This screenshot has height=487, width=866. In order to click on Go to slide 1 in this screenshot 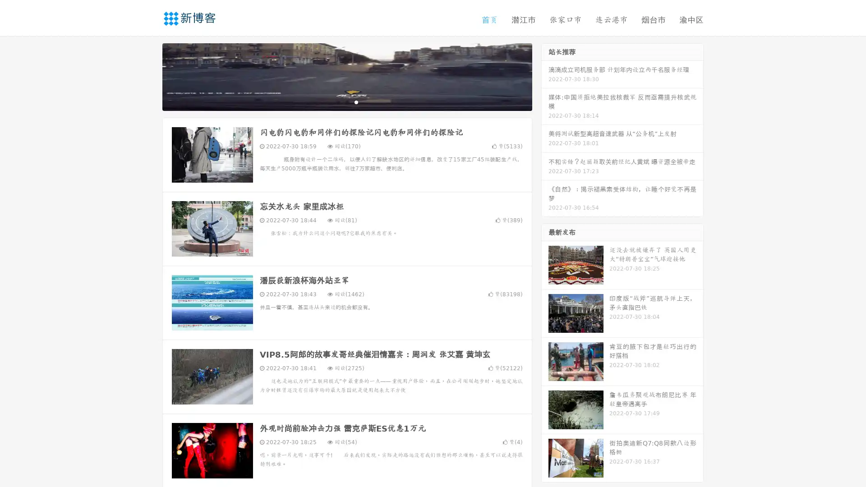, I will do `click(337, 101)`.